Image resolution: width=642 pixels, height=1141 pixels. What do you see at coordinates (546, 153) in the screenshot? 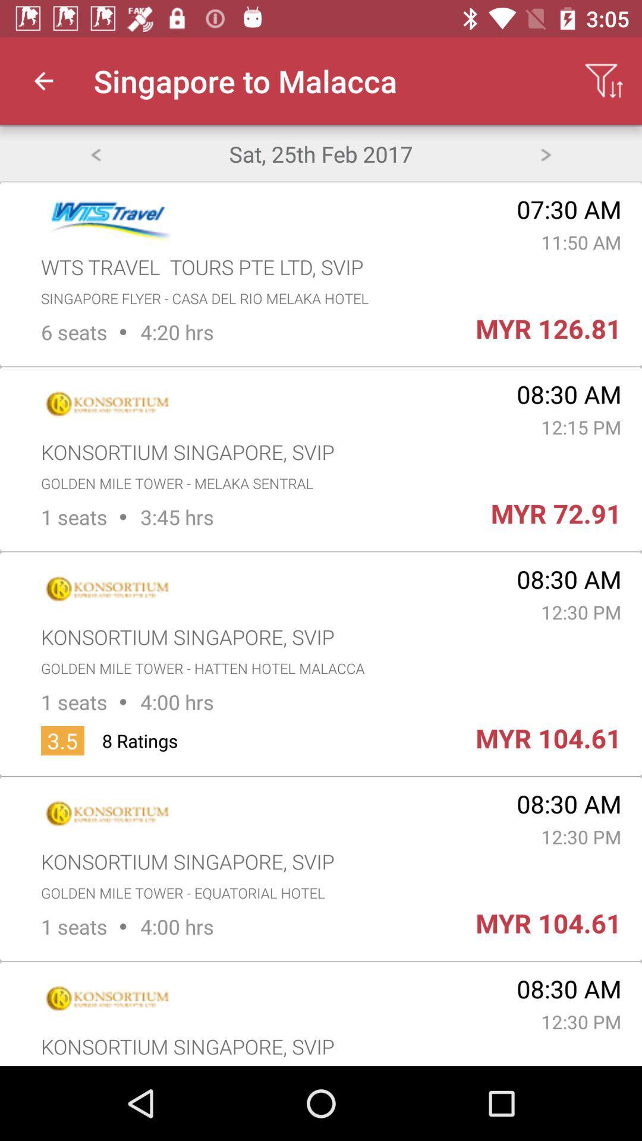
I see `next day` at bounding box center [546, 153].